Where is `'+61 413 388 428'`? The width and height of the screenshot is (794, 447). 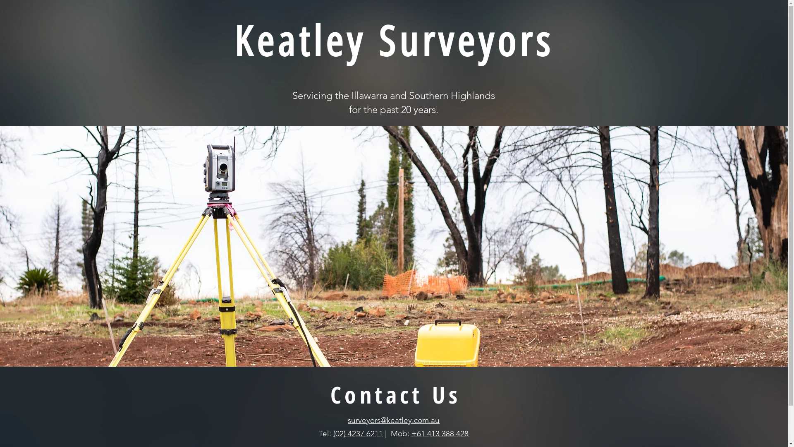 '+61 413 388 428' is located at coordinates (440, 433).